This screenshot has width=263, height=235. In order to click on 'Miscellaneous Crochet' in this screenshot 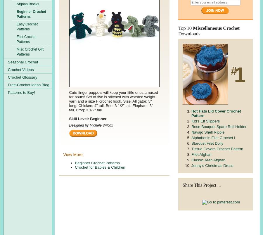, I will do `click(216, 28)`.